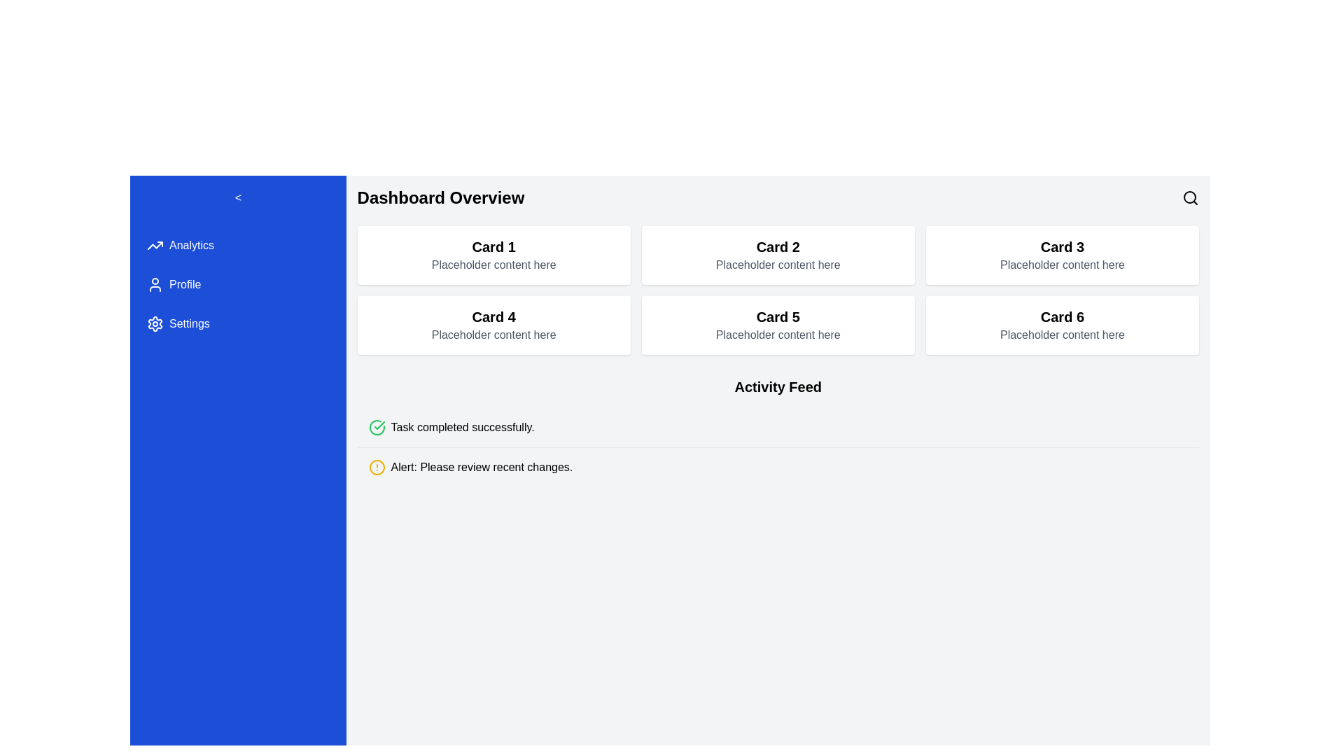 This screenshot has height=756, width=1344. I want to click on the person icon in the Profile navigation item on the left sidebar to understand its representation, so click(155, 284).